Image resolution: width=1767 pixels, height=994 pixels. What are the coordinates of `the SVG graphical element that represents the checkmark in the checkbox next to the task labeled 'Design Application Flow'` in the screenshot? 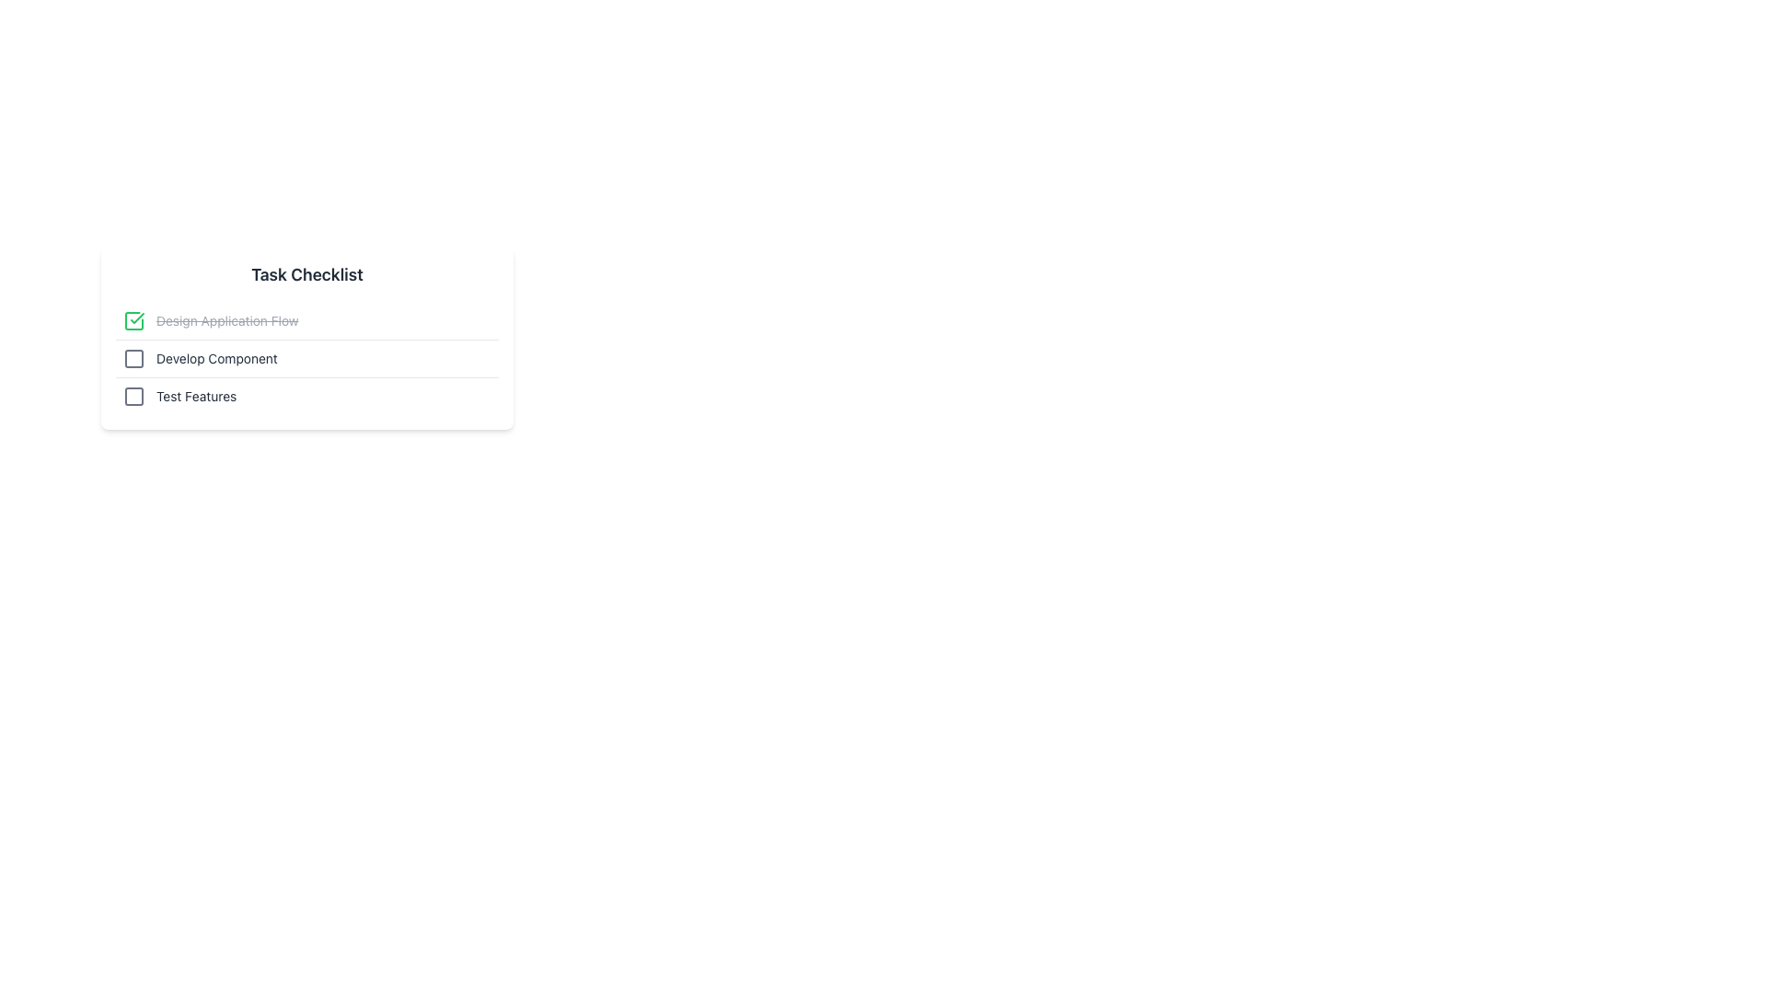 It's located at (133, 319).